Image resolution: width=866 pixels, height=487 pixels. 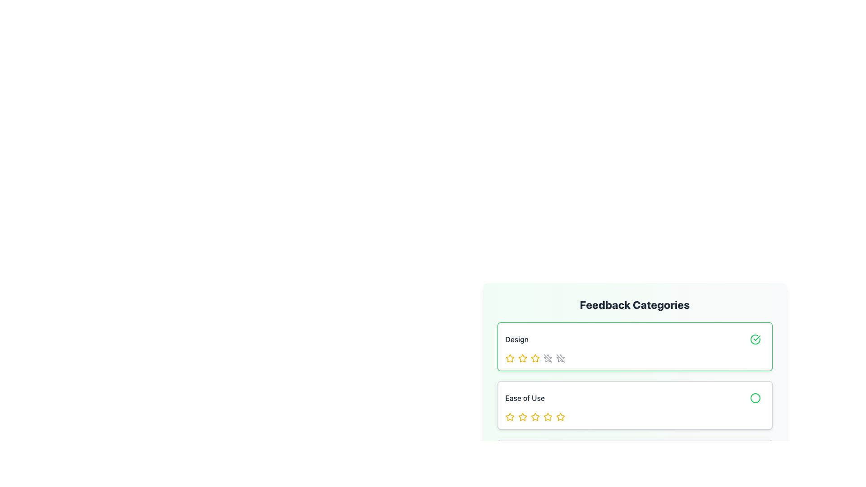 I want to click on the fourth star icon from the left under the 'Design' category in the 'Feedback Categories' section, so click(x=549, y=356).